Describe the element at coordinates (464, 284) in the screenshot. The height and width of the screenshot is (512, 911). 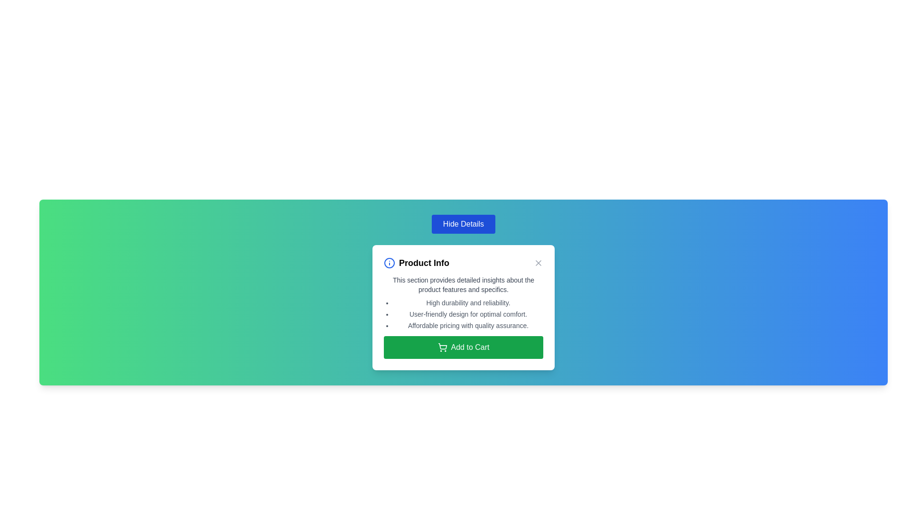
I see `the text display element styled with a small font size and gray color that provides a descriptive summary about product features, located below the heading 'Product Info'` at that location.